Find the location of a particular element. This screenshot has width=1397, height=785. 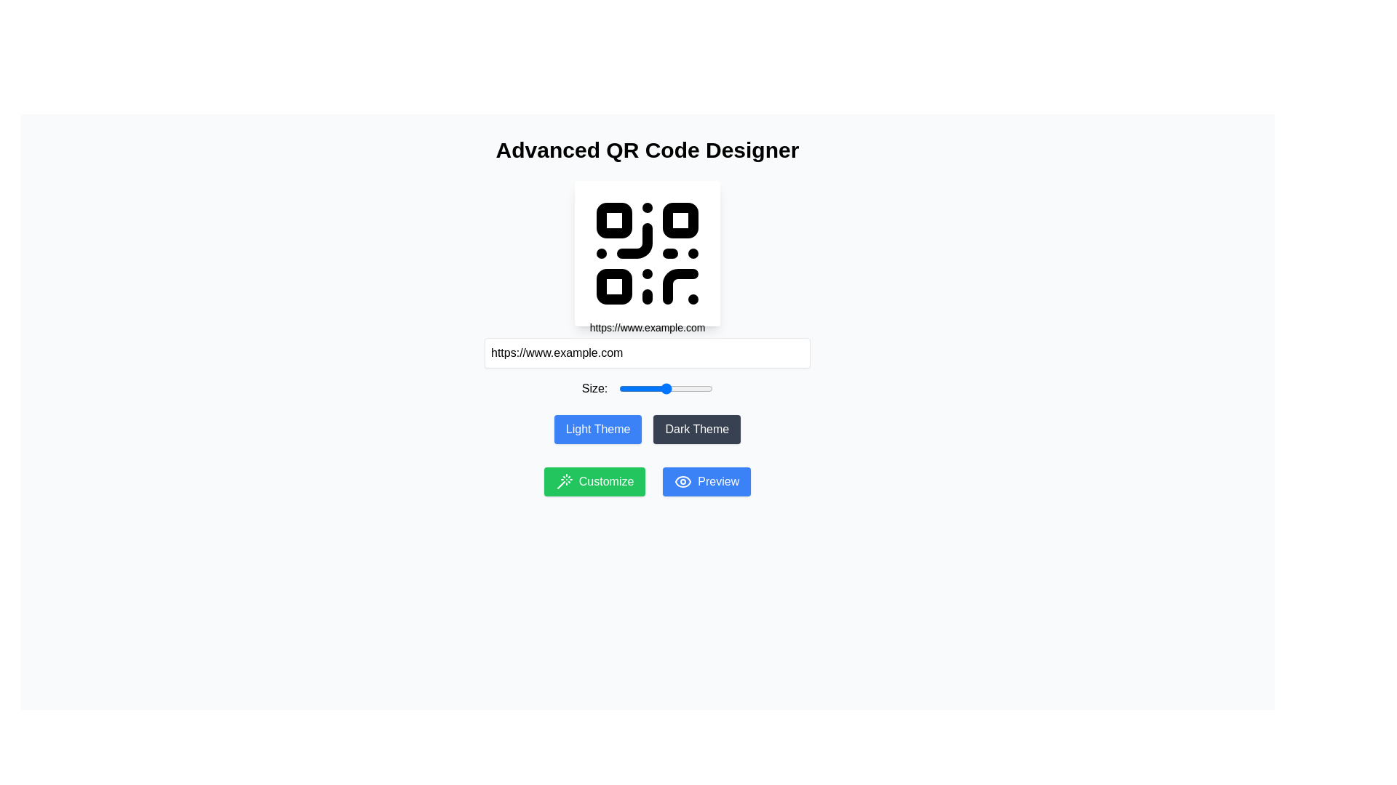

the size value is located at coordinates (708, 388).